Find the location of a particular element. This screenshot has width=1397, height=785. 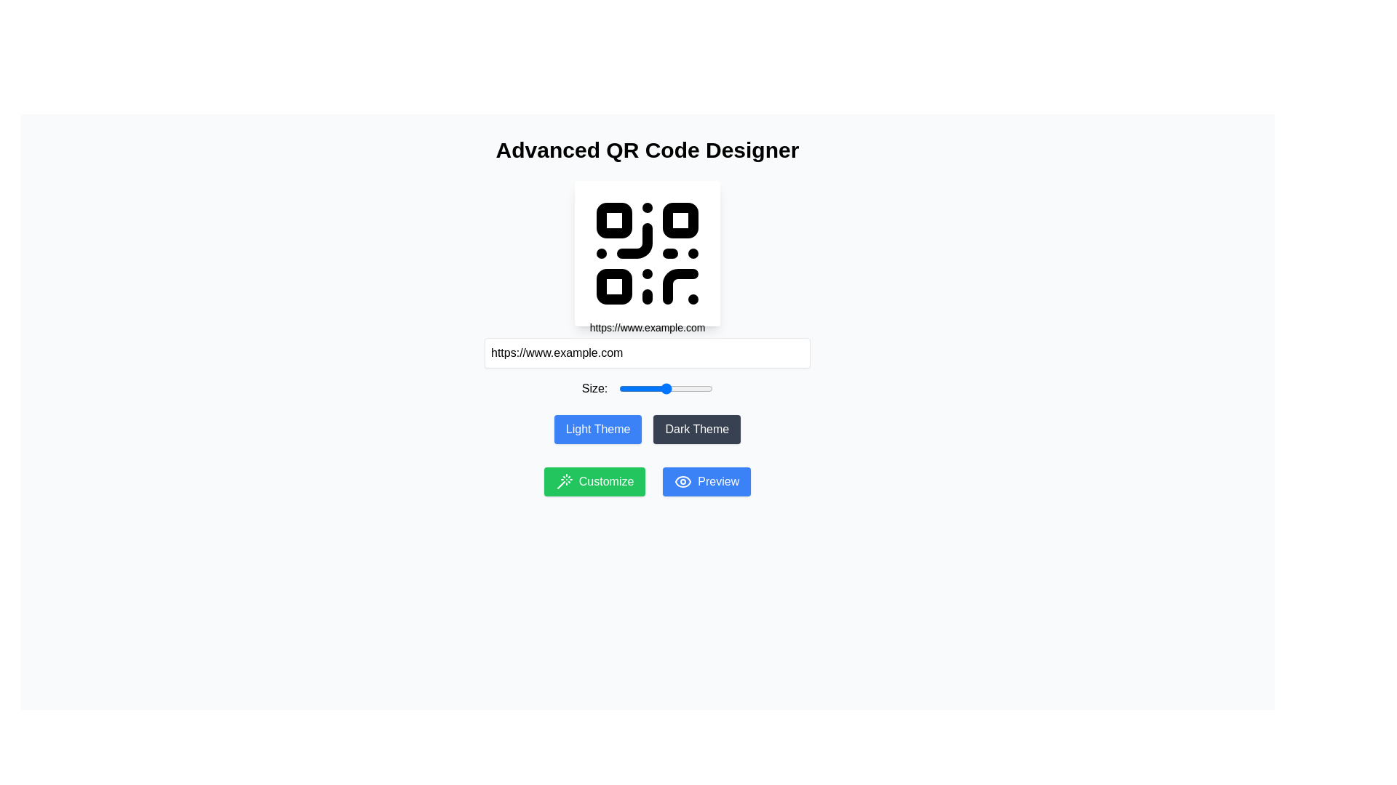

the size value is located at coordinates (708, 388).